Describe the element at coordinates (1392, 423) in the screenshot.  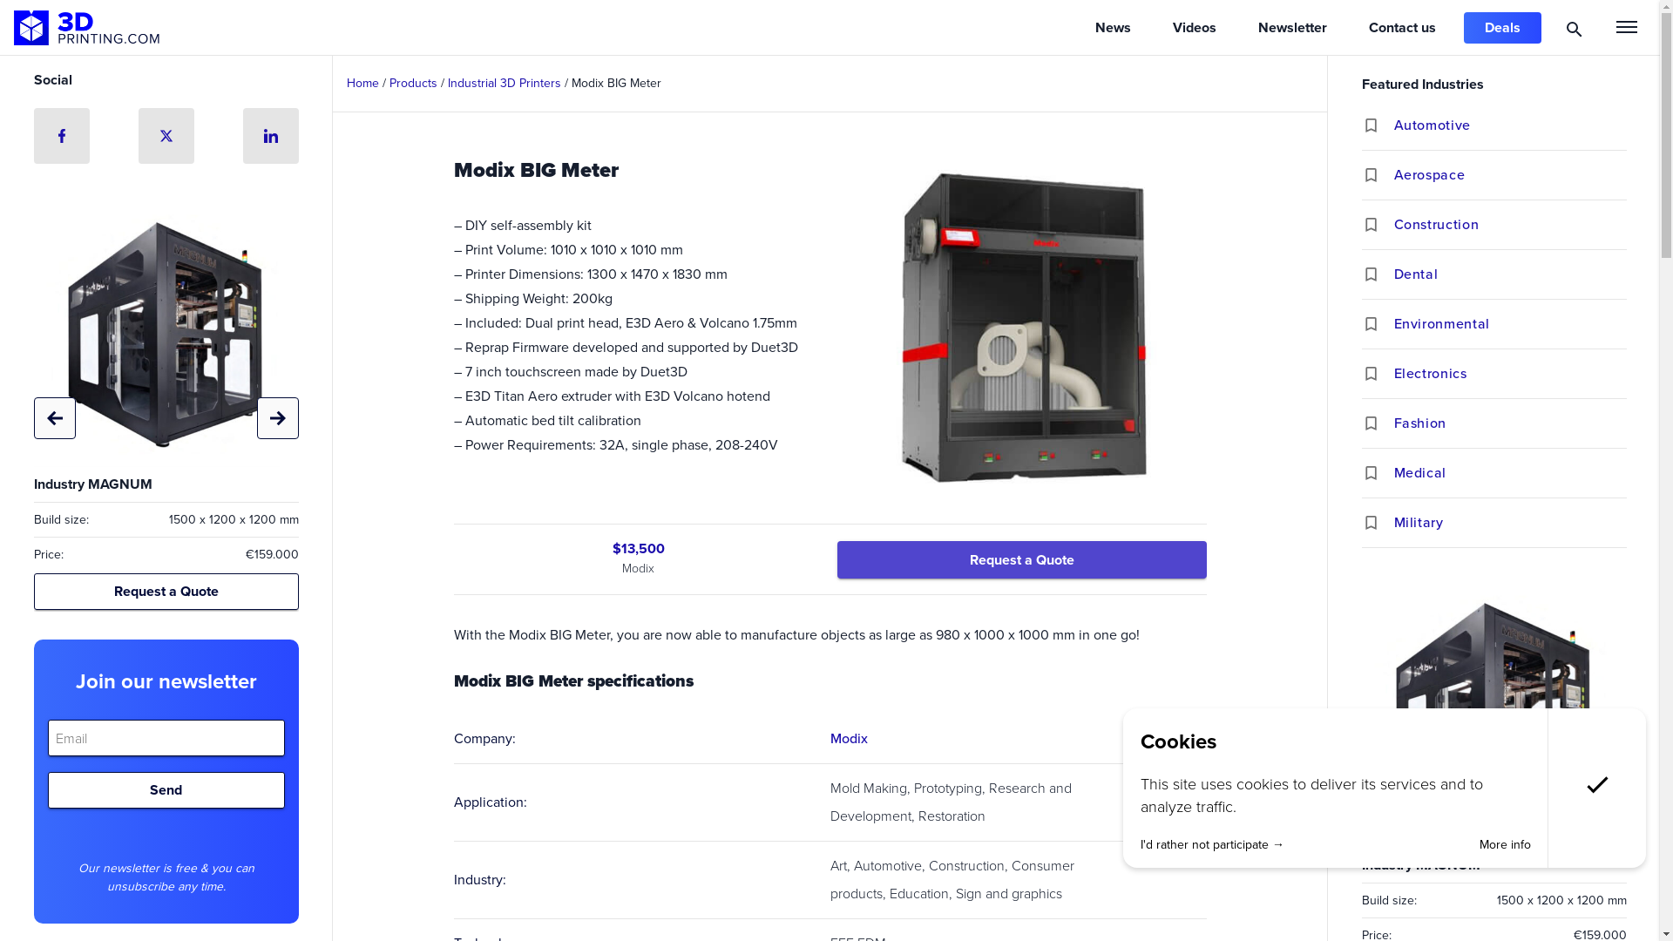
I see `'Fashion'` at that location.